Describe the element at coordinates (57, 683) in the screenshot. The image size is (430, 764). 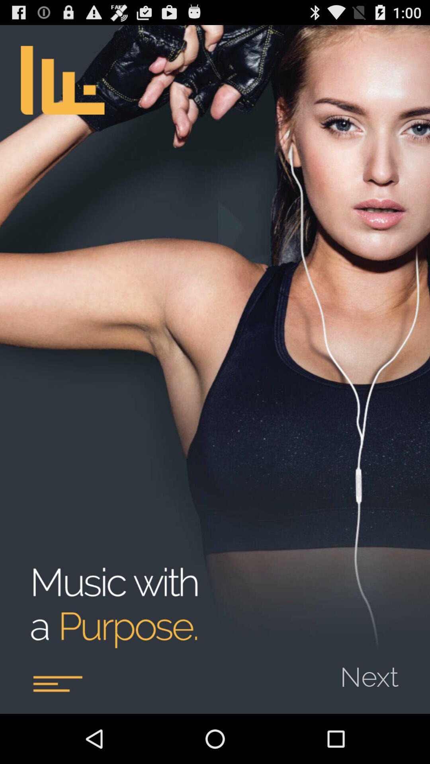
I see `the item at the bottom left corner` at that location.